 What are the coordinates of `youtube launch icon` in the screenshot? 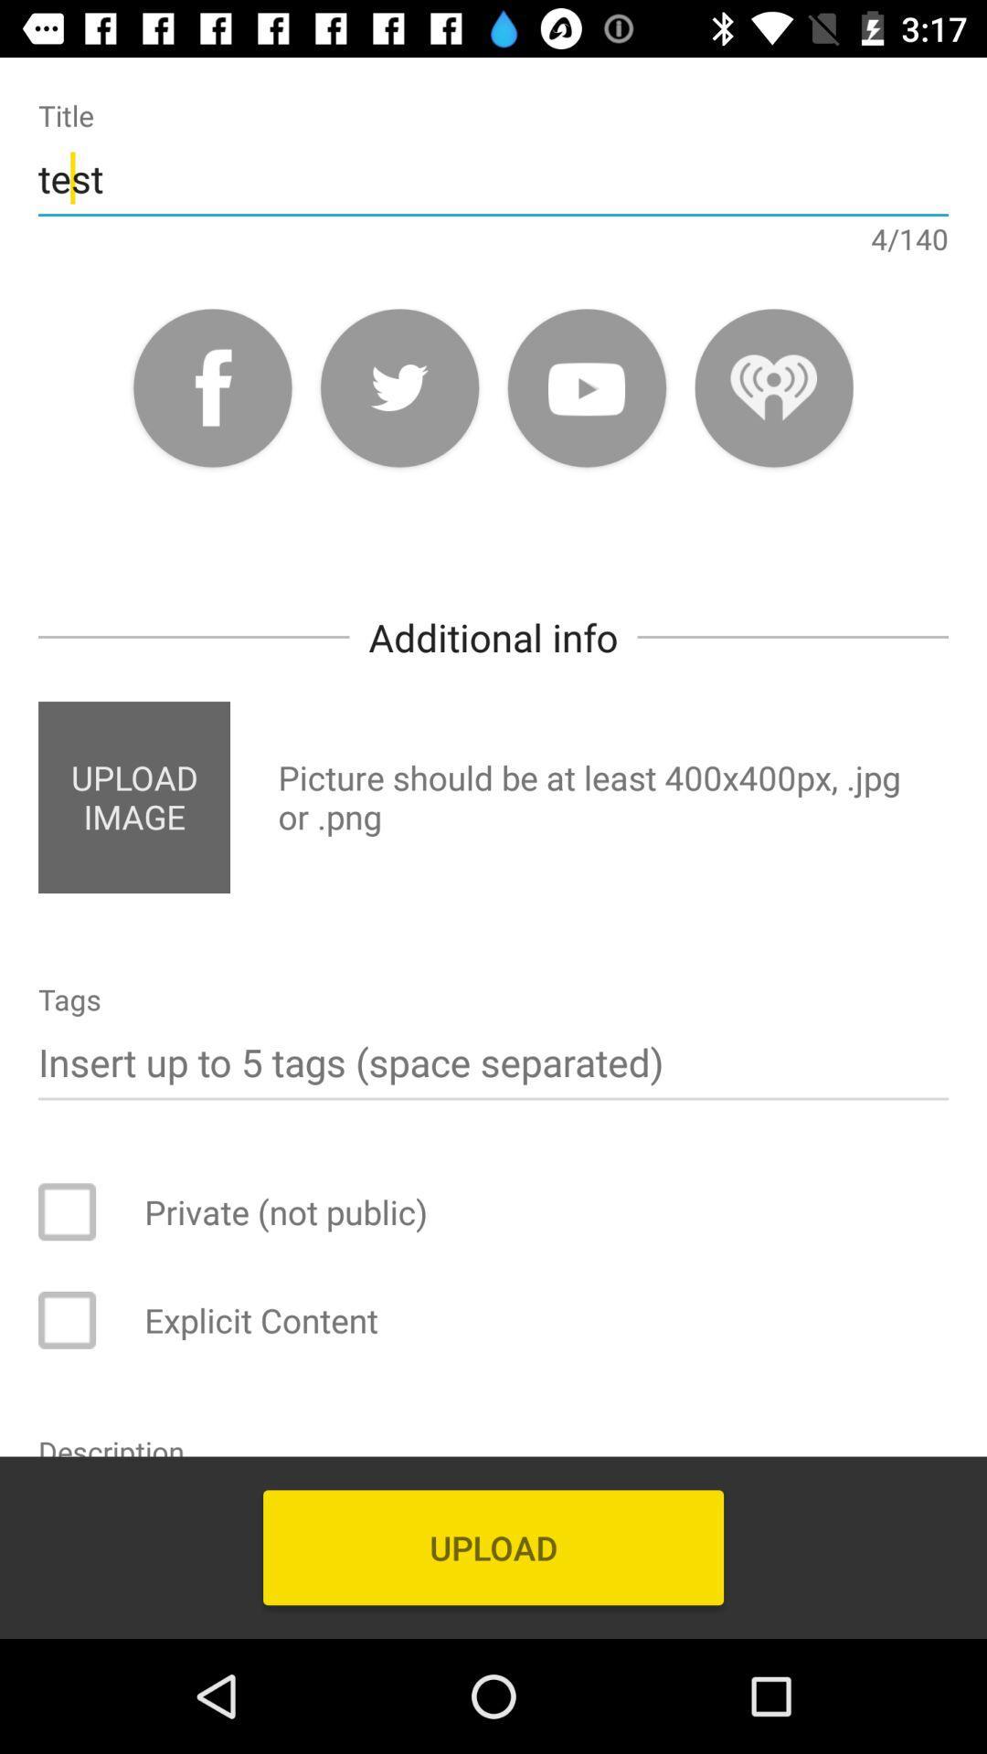 It's located at (587, 386).